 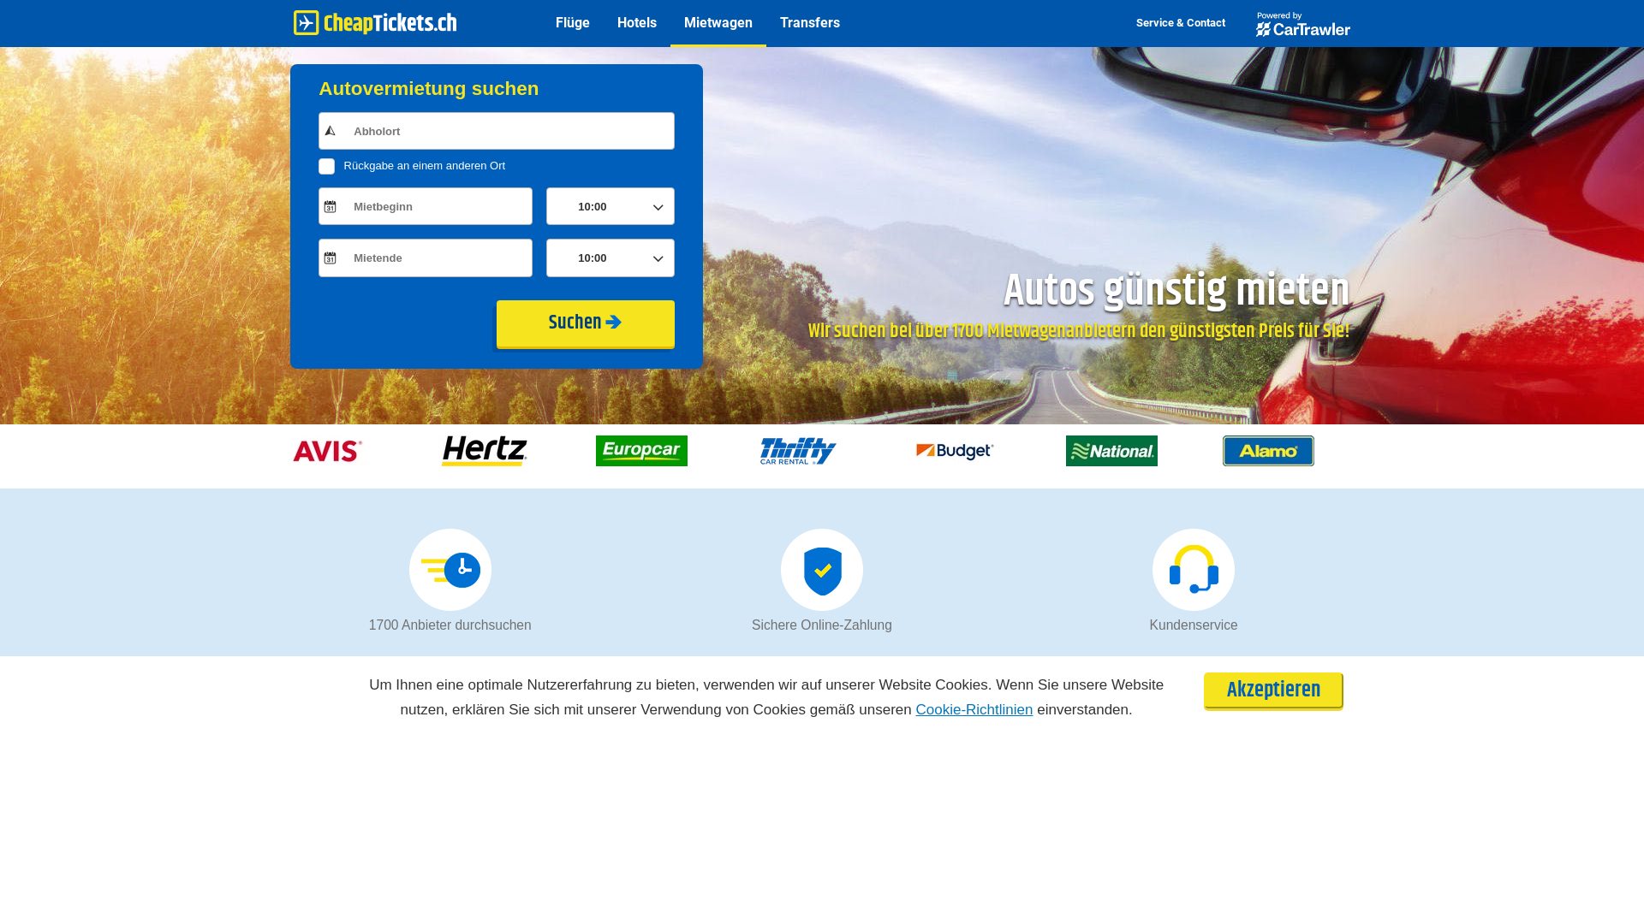 What do you see at coordinates (1273, 689) in the screenshot?
I see `'Akzeptieren'` at bounding box center [1273, 689].